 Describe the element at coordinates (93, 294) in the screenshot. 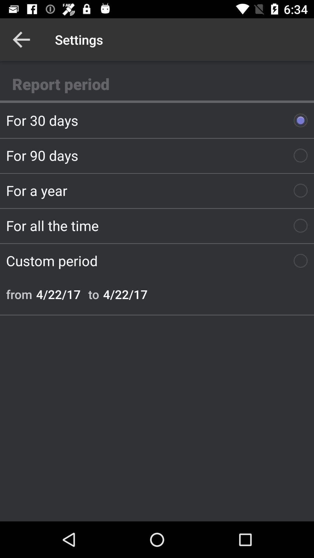

I see `icon next to the 4/22/17 item` at that location.